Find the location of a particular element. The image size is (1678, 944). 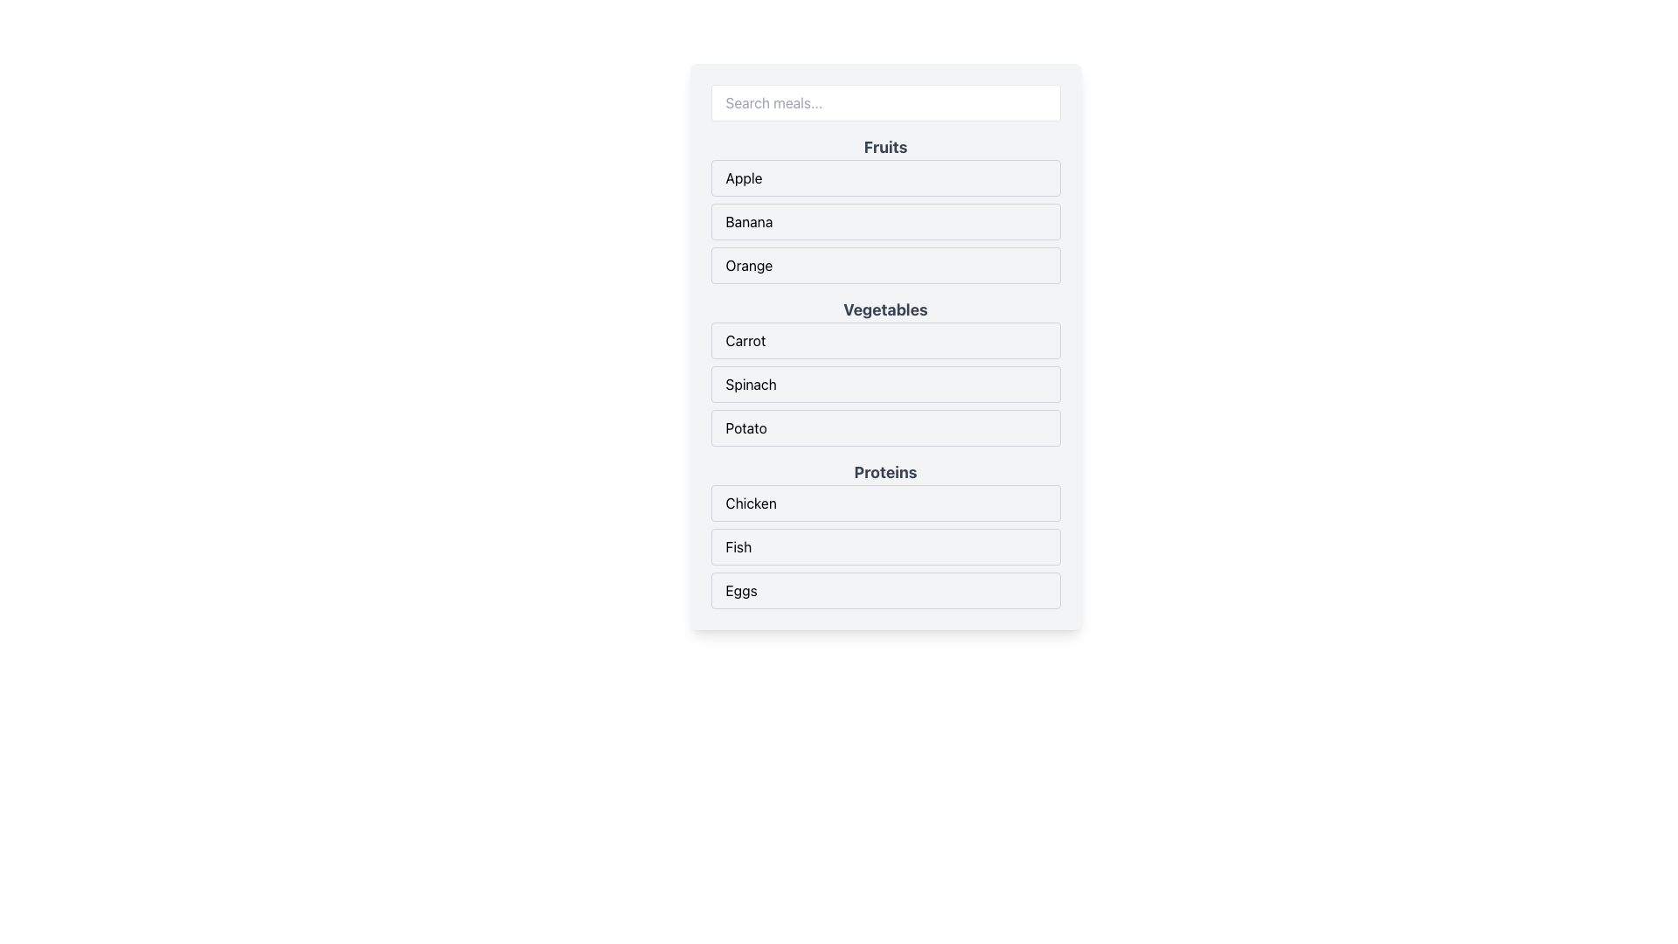

the 'Carrot' button, which is the first entry in the 'Vegetables' section is located at coordinates (885, 340).